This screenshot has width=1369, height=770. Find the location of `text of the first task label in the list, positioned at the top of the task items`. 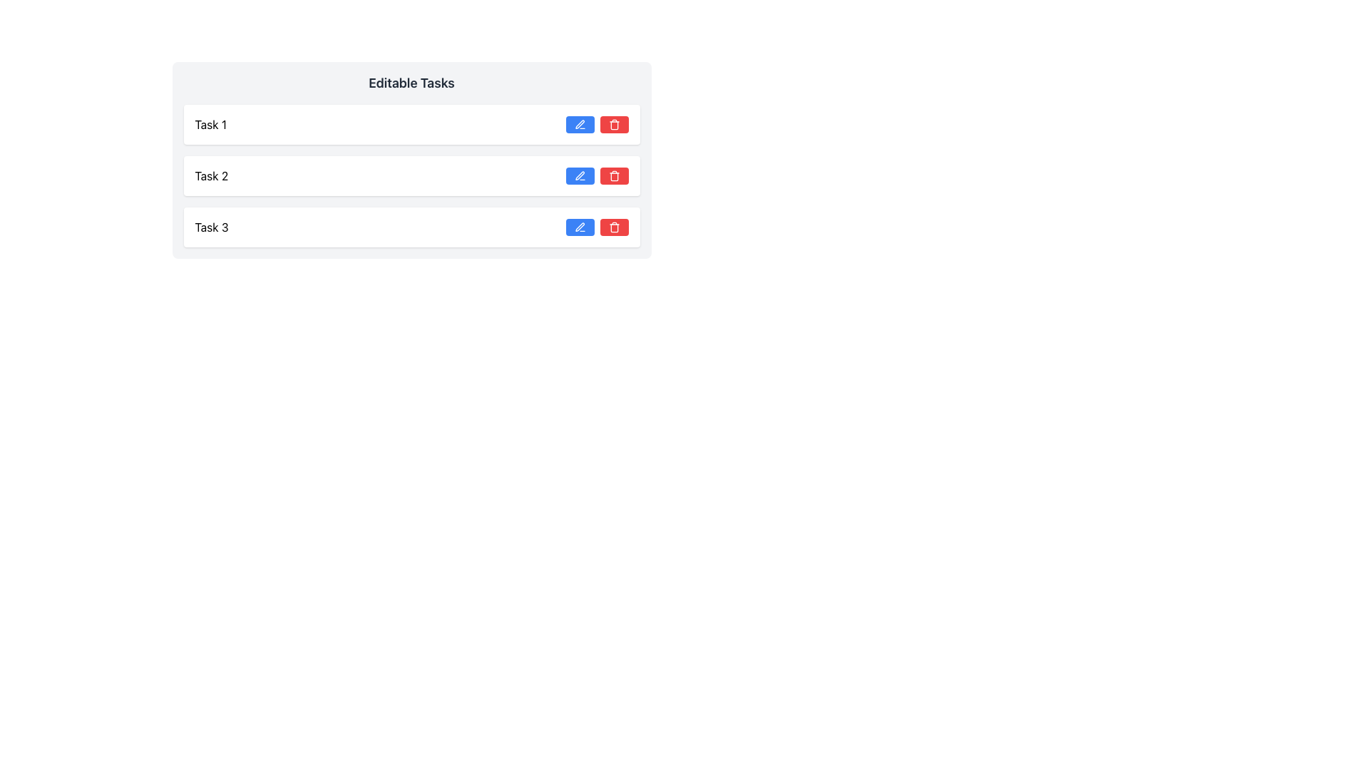

text of the first task label in the list, positioned at the top of the task items is located at coordinates (210, 123).